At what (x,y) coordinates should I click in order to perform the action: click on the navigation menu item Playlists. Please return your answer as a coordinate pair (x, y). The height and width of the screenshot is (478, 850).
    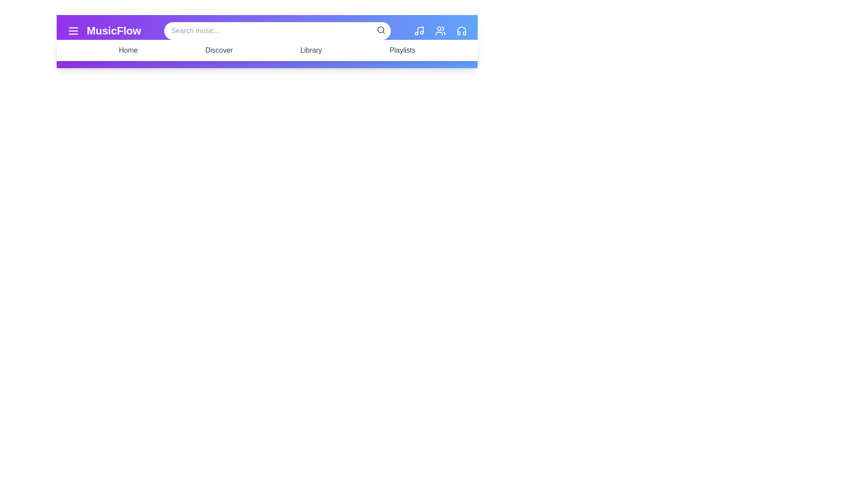
    Looking at the image, I should click on (402, 50).